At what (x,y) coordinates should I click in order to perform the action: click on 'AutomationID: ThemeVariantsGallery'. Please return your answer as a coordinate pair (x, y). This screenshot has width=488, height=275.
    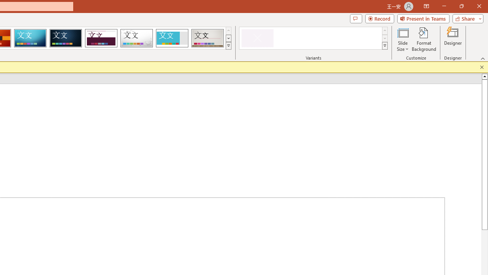
    Looking at the image, I should click on (314, 38).